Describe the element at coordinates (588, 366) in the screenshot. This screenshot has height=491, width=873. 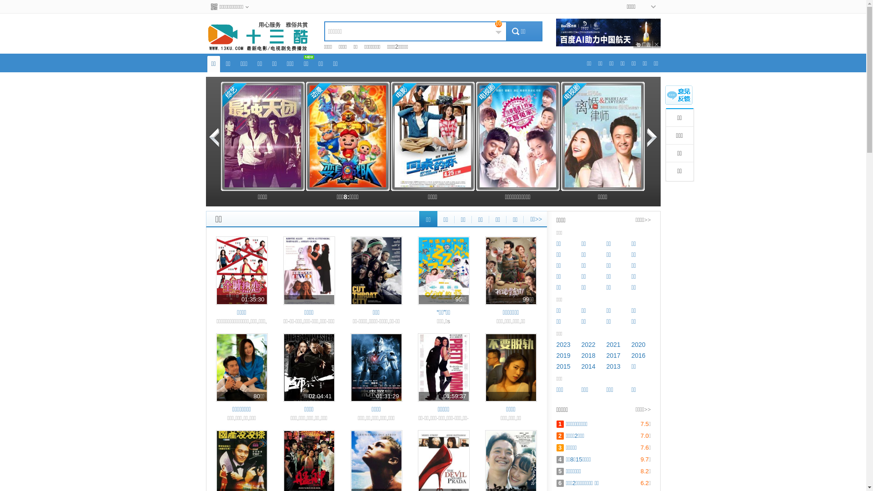
I see `'2014'` at that location.